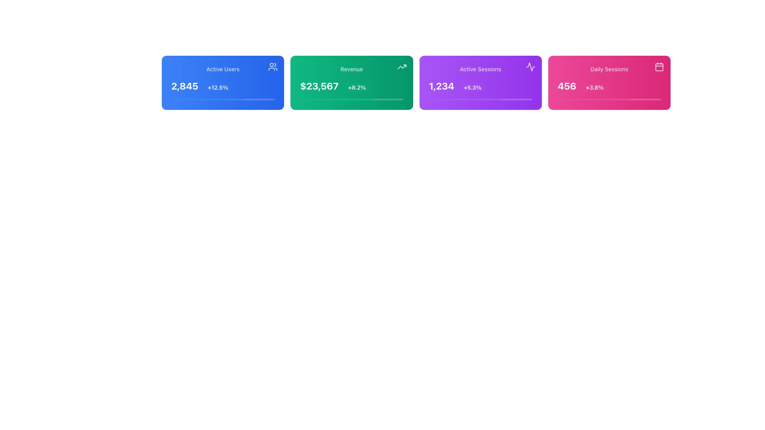  What do you see at coordinates (594, 99) in the screenshot?
I see `the progress bar representing the completion percentage of 'Daily Sessions', located at the bottom of the 'Daily Sessions' card` at bounding box center [594, 99].